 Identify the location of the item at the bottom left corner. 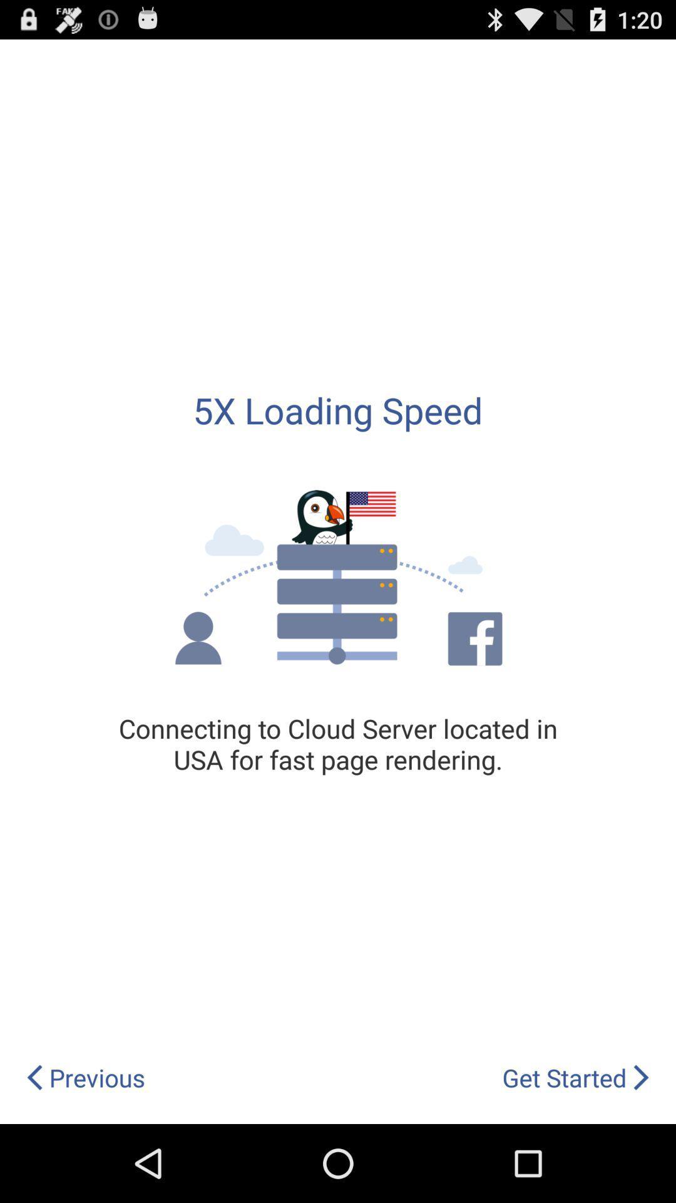
(84, 1077).